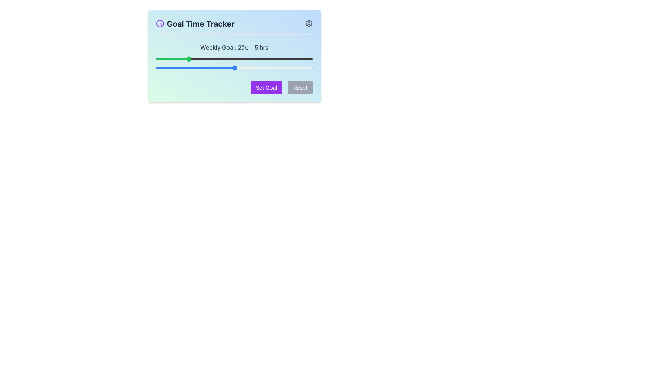 This screenshot has width=650, height=365. Describe the element at coordinates (266, 87) in the screenshot. I see `the leftmost button labeled 'Set Goal' with a purple background` at that location.